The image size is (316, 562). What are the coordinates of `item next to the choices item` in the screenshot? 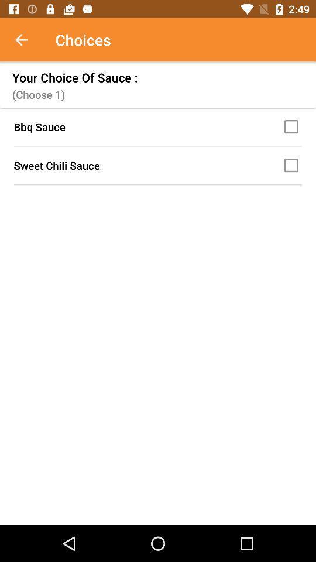 It's located at (28, 40).